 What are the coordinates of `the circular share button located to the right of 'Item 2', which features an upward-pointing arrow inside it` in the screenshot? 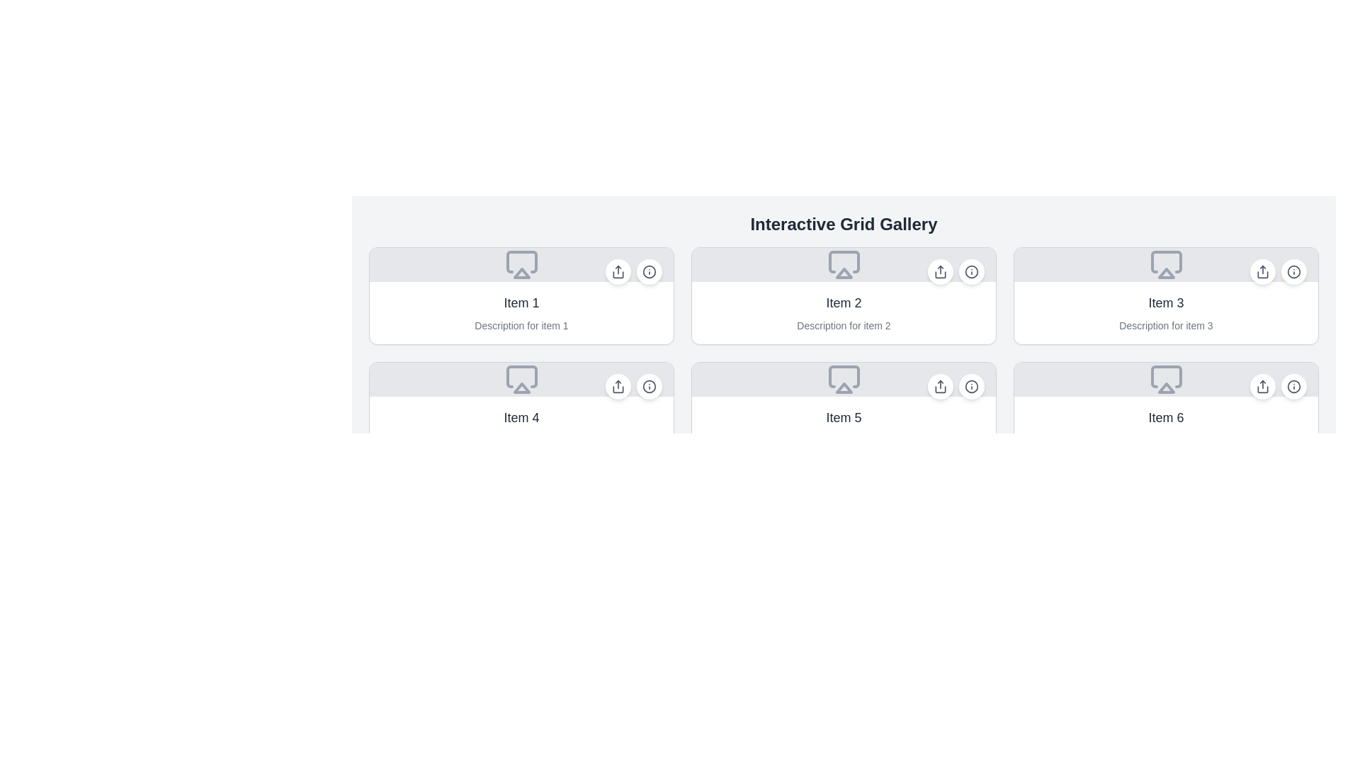 It's located at (941, 272).